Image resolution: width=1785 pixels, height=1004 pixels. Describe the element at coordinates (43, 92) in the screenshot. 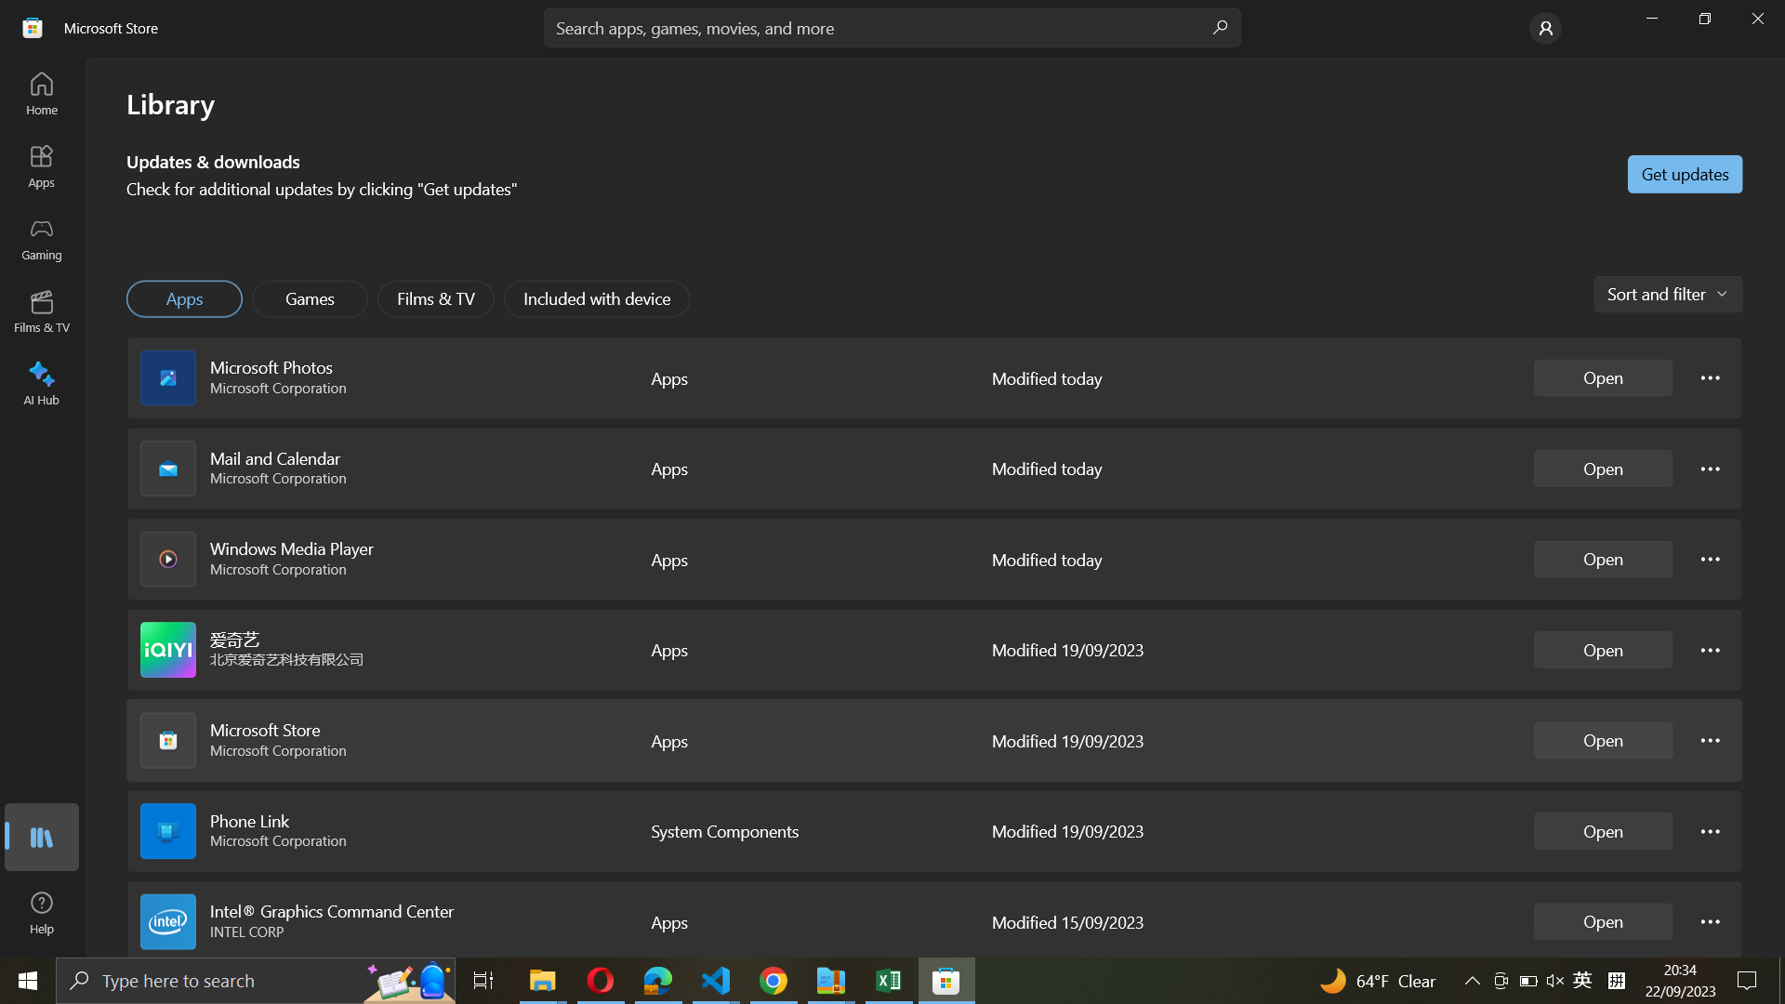

I see `the Home Page` at that location.